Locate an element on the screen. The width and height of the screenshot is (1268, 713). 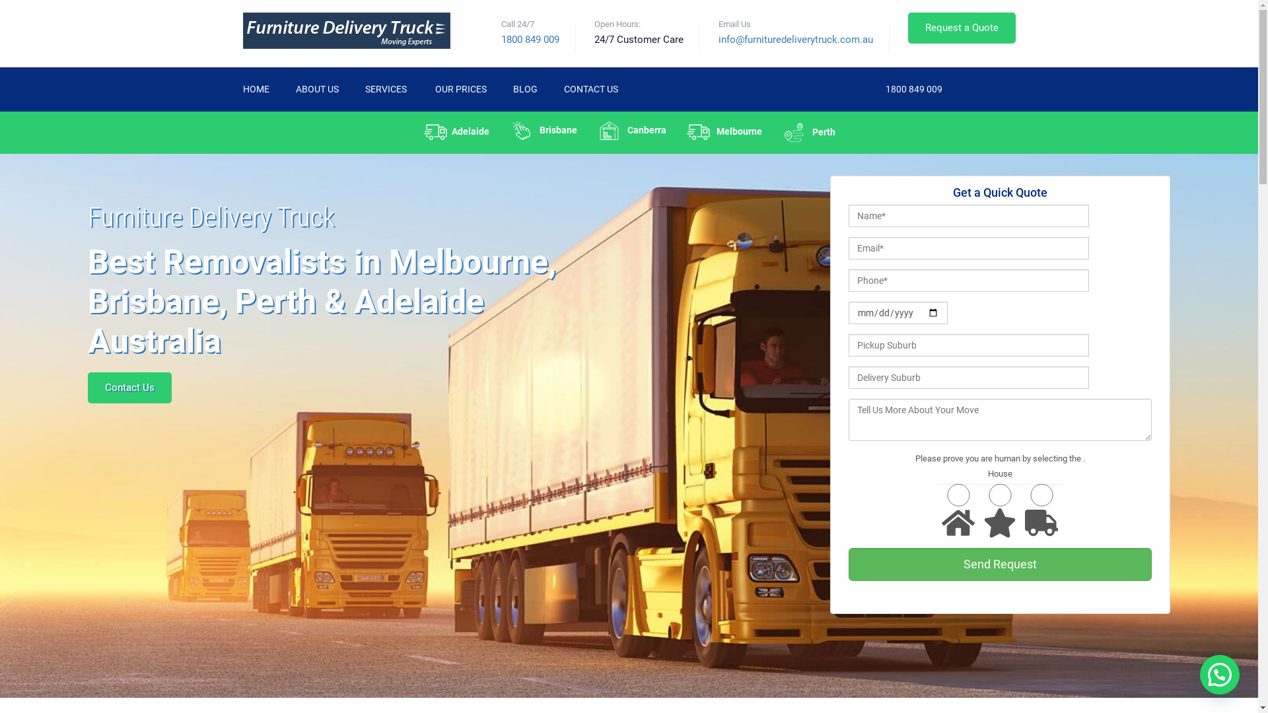
'OUR PRICES' is located at coordinates (460, 89).